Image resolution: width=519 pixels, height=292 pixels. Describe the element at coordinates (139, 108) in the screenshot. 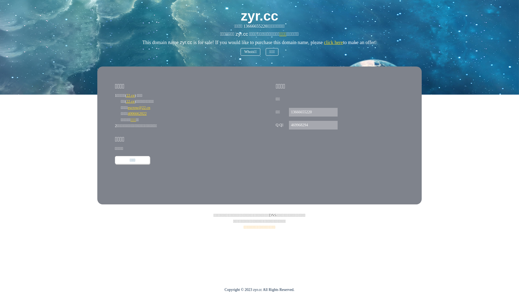

I see `'escrow@22.cn'` at that location.